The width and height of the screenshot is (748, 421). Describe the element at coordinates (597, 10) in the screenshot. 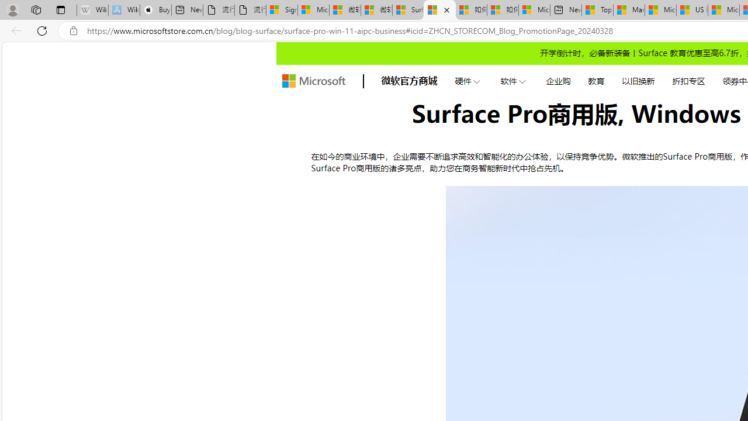

I see `'Top Stories - MSN'` at that location.